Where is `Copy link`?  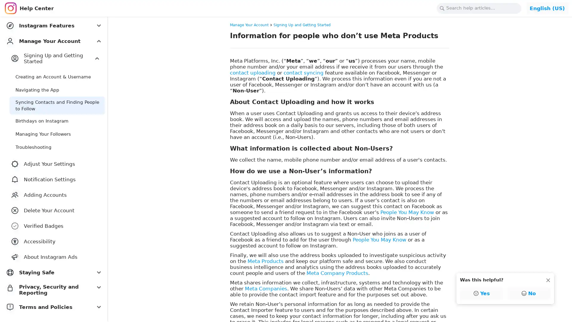
Copy link is located at coordinates (248, 48).